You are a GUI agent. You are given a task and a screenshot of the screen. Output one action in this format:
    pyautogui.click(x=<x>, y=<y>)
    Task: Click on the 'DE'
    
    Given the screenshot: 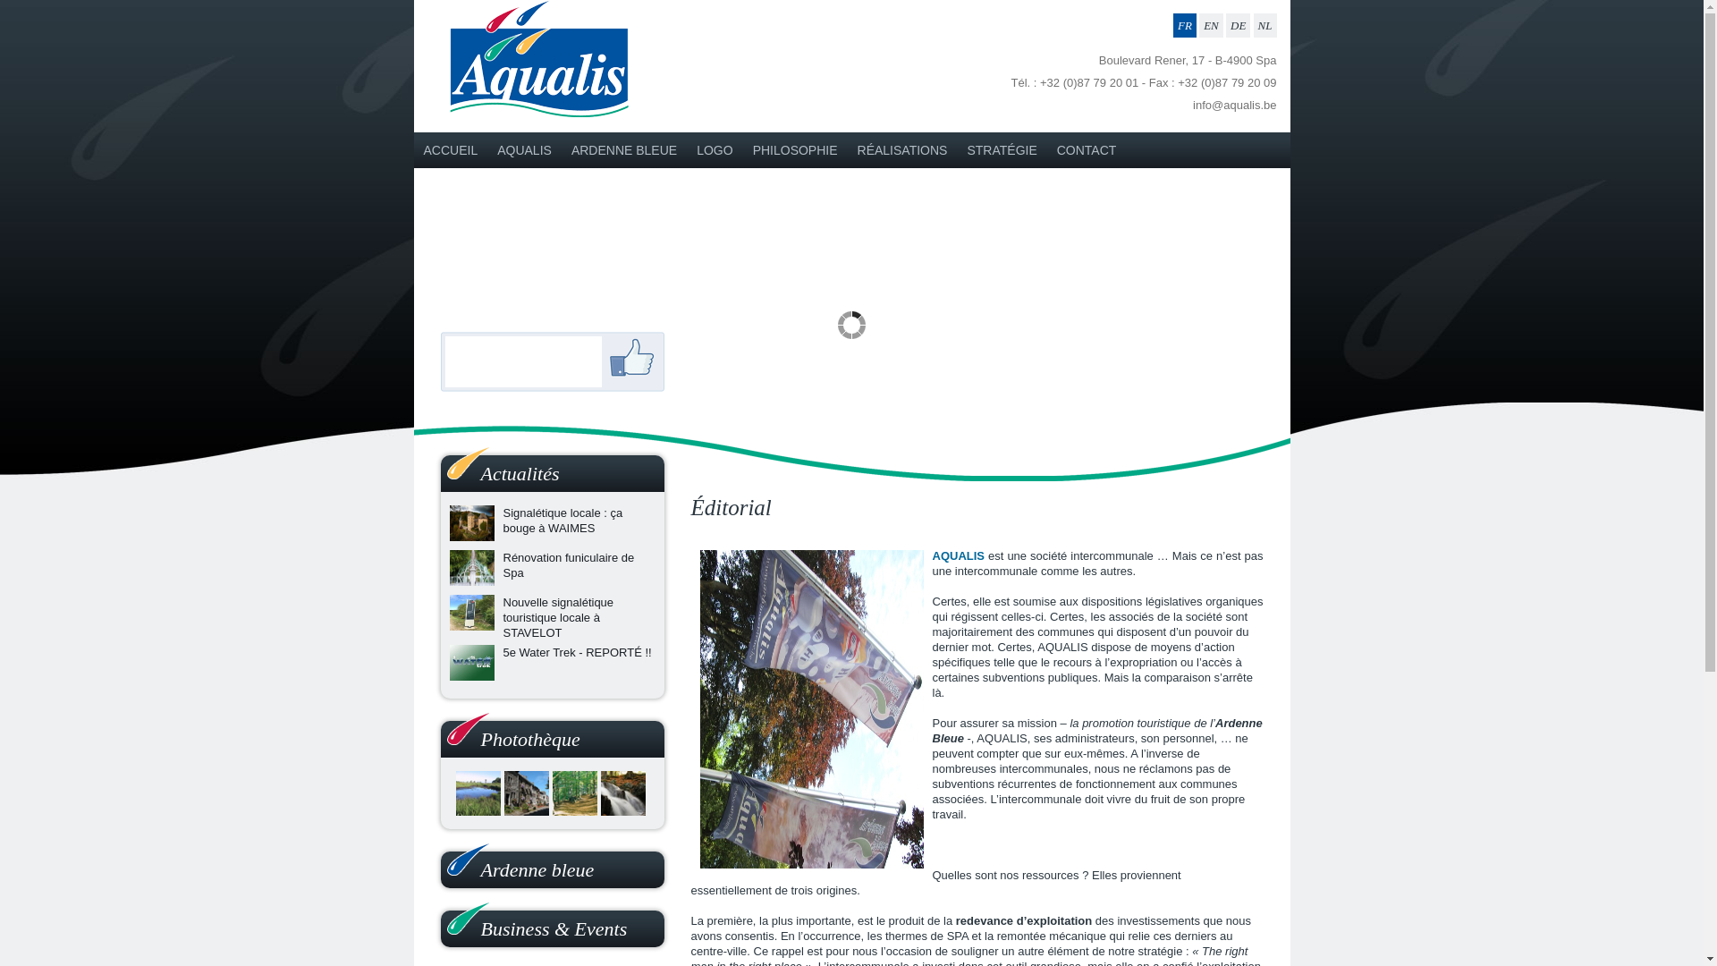 What is the action you would take?
    pyautogui.click(x=1237, y=25)
    